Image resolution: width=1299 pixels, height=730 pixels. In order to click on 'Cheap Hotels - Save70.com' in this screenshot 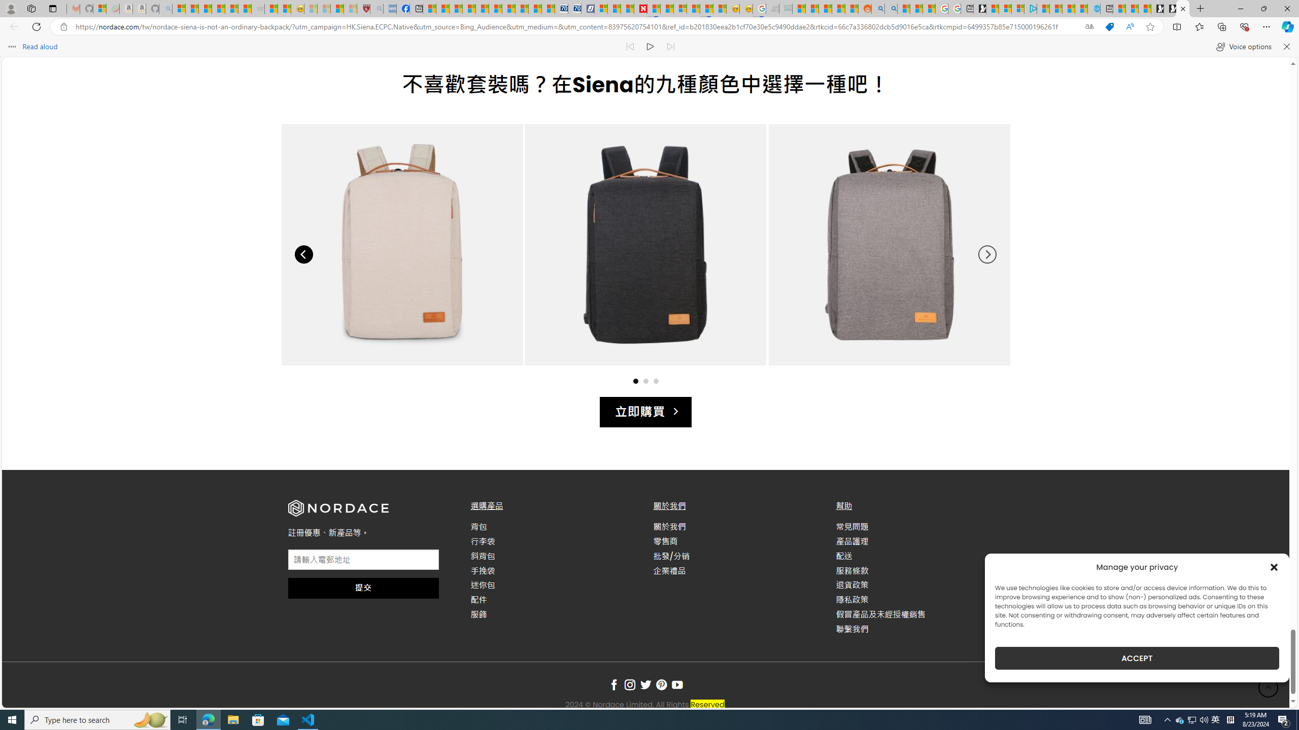, I will do `click(574, 8)`.